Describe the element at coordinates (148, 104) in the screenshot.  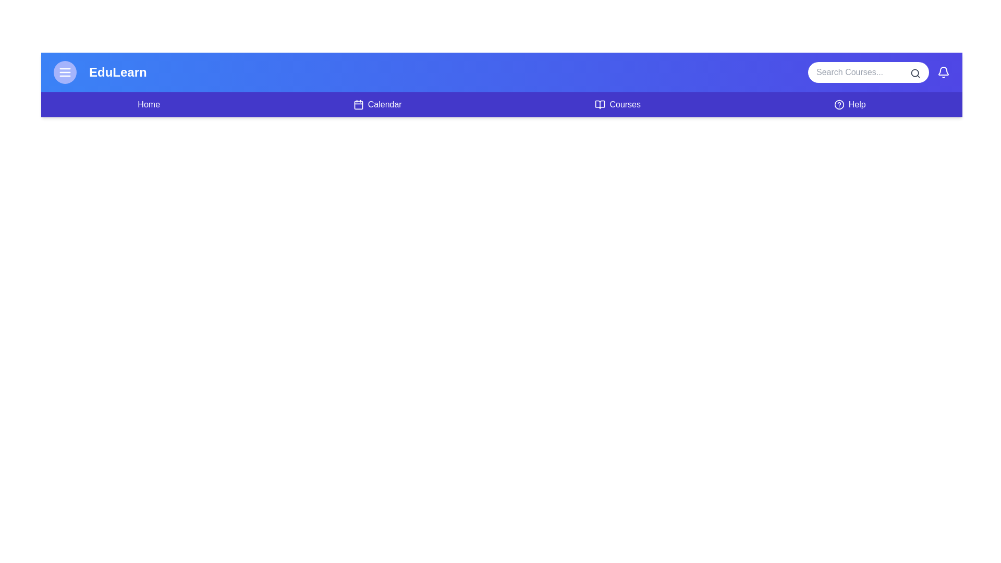
I see `the navigation link for Home to navigate to the corresponding section` at that location.